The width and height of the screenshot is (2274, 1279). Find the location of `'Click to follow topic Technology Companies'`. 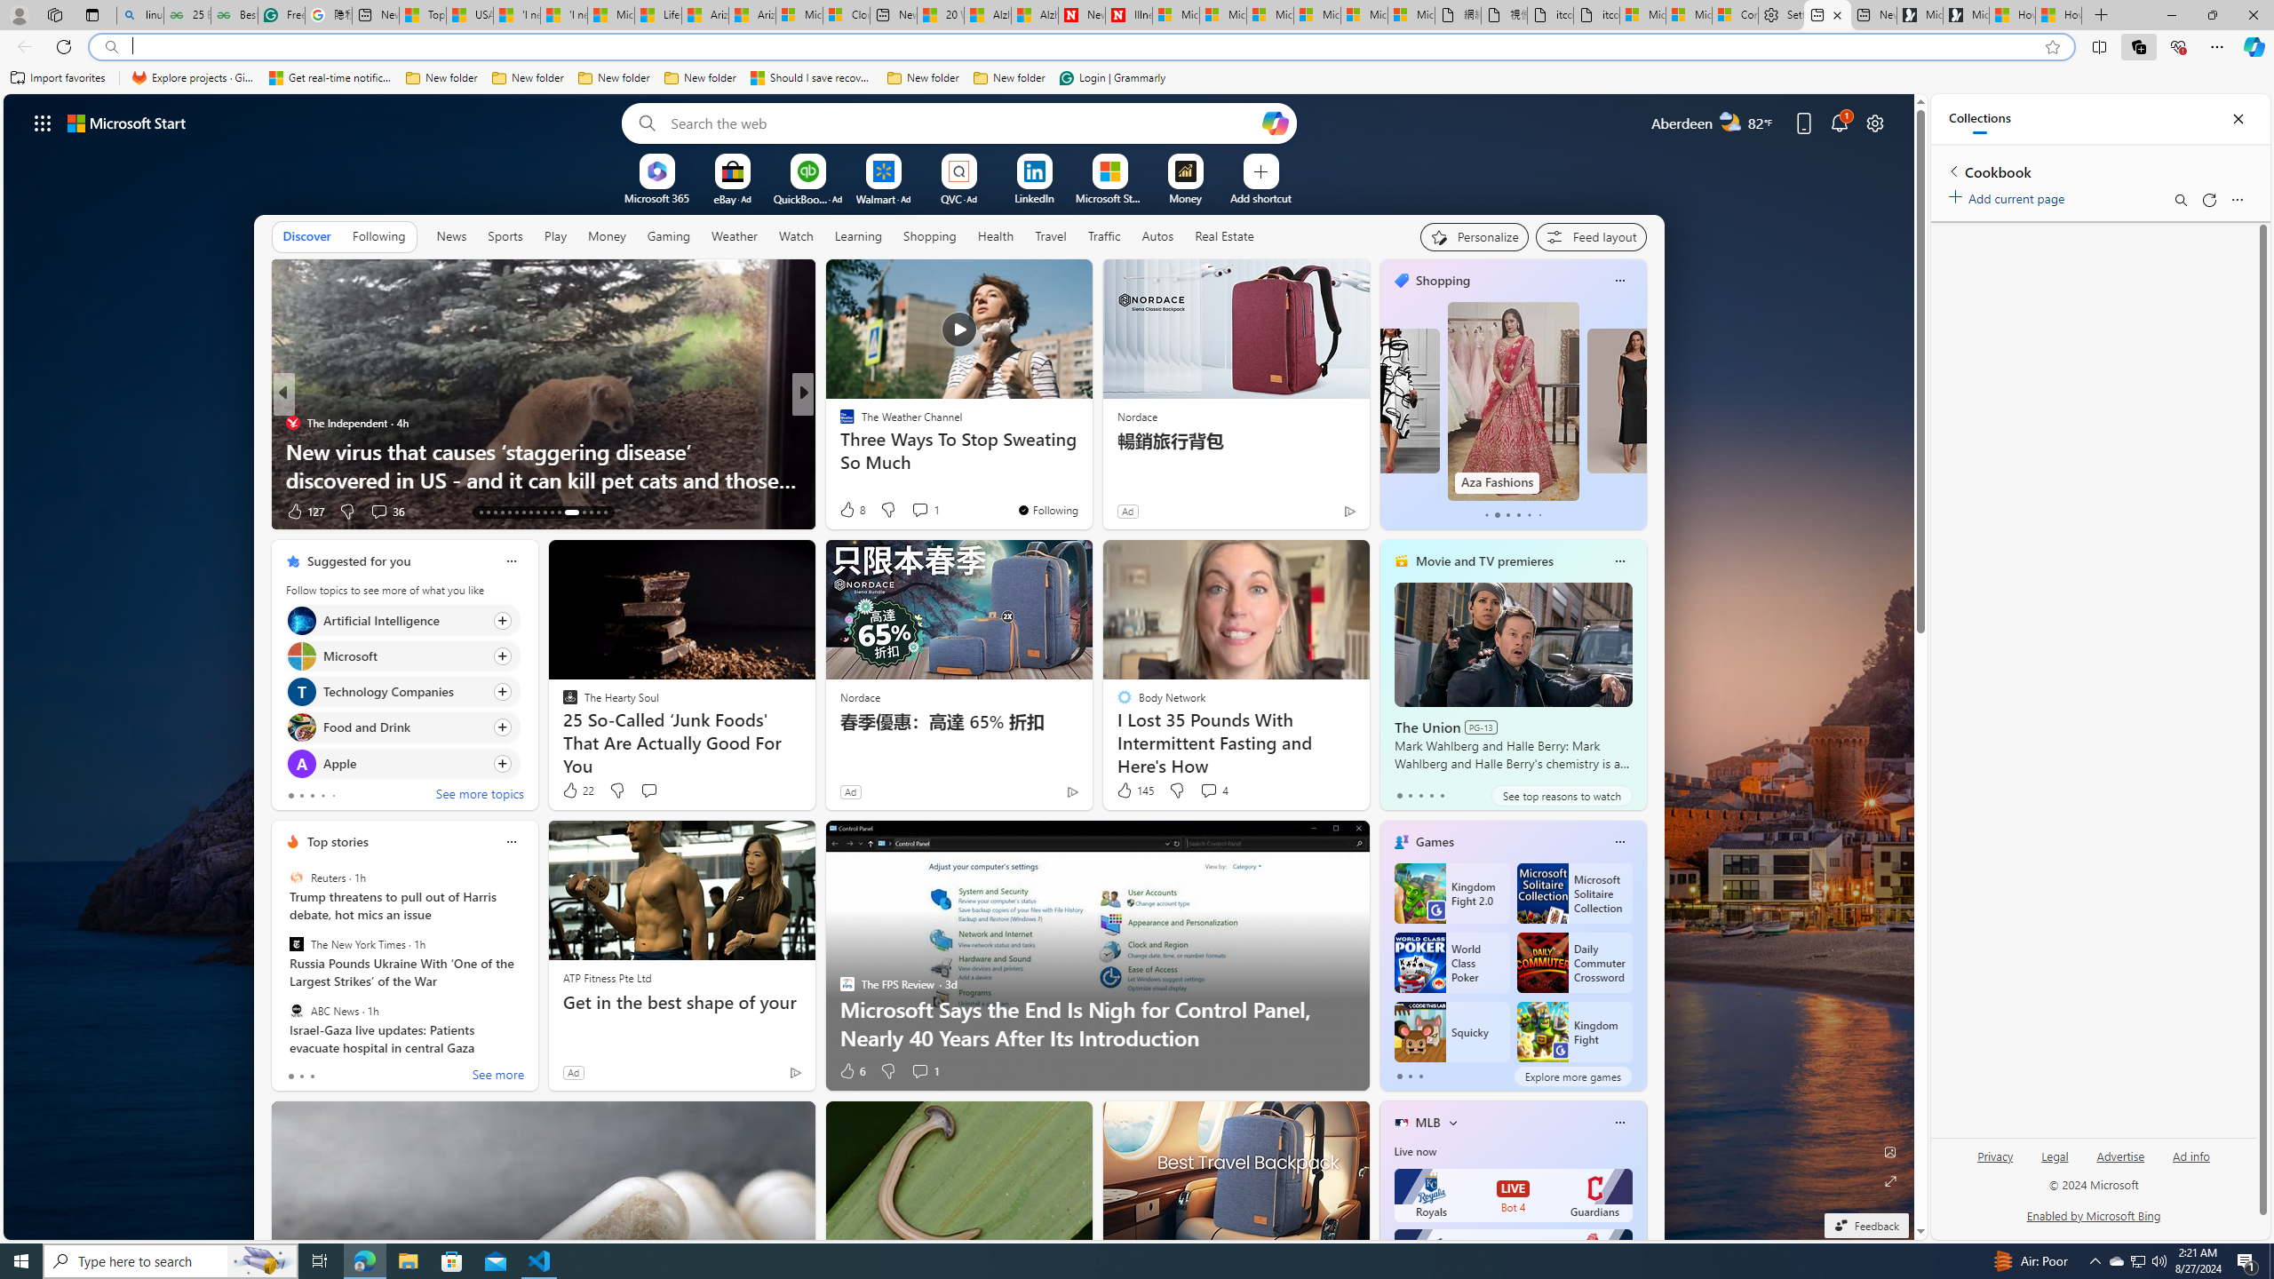

'Click to follow topic Technology Companies' is located at coordinates (402, 691).